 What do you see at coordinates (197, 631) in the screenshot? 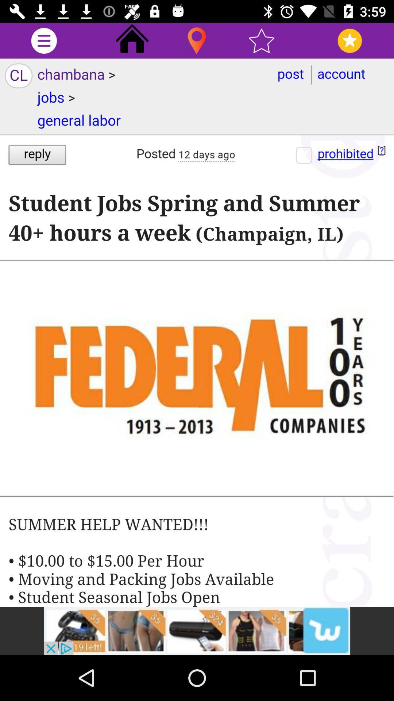
I see `advertiser` at bounding box center [197, 631].